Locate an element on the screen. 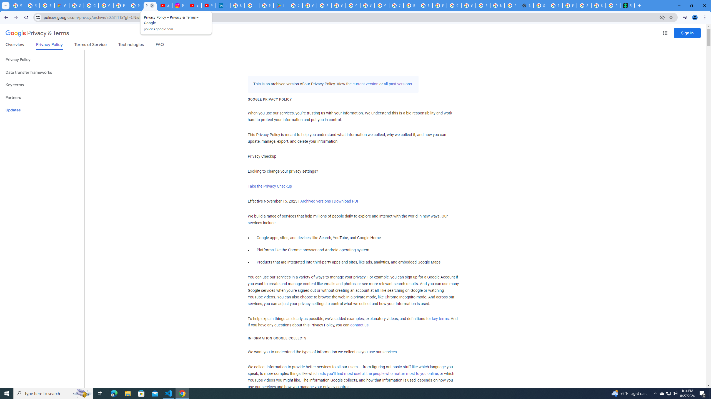 Image resolution: width=711 pixels, height=399 pixels. 'Google Cloud Platform' is located at coordinates (469, 5).